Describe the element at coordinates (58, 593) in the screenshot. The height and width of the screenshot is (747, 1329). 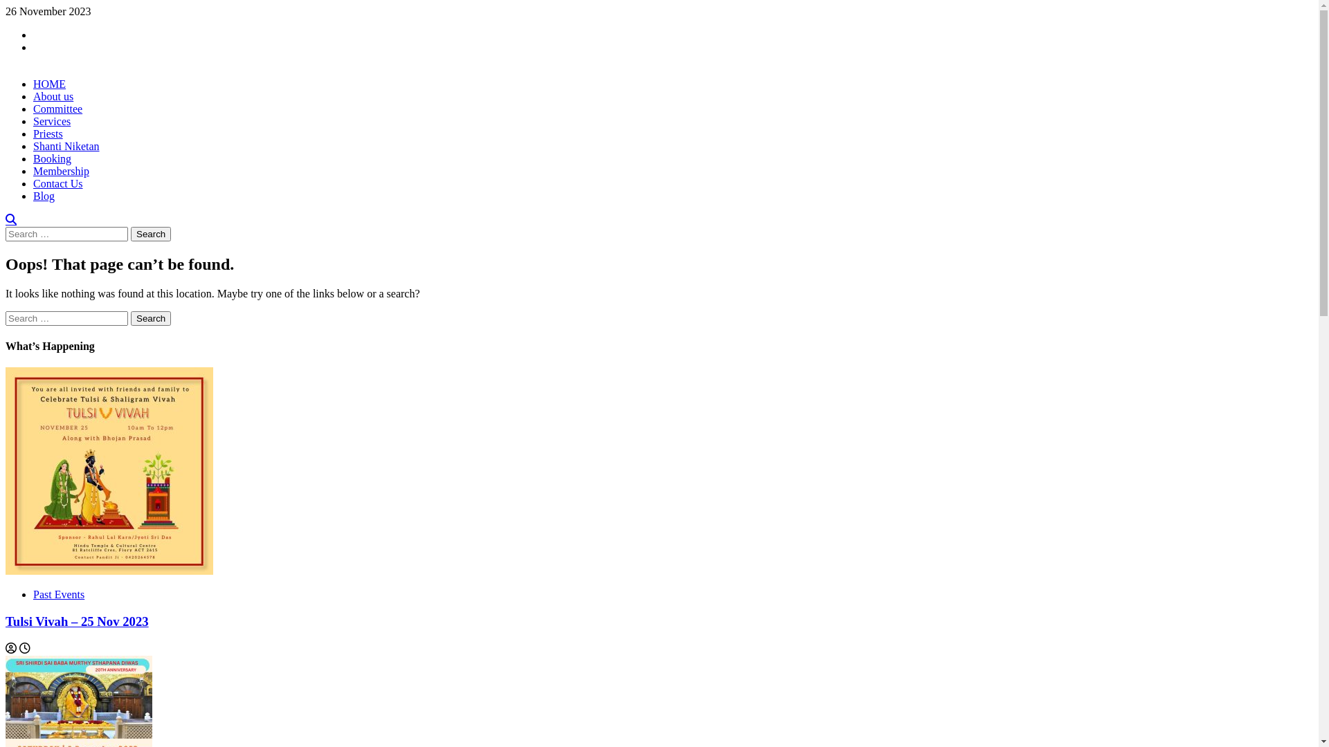
I see `'Past Events'` at that location.